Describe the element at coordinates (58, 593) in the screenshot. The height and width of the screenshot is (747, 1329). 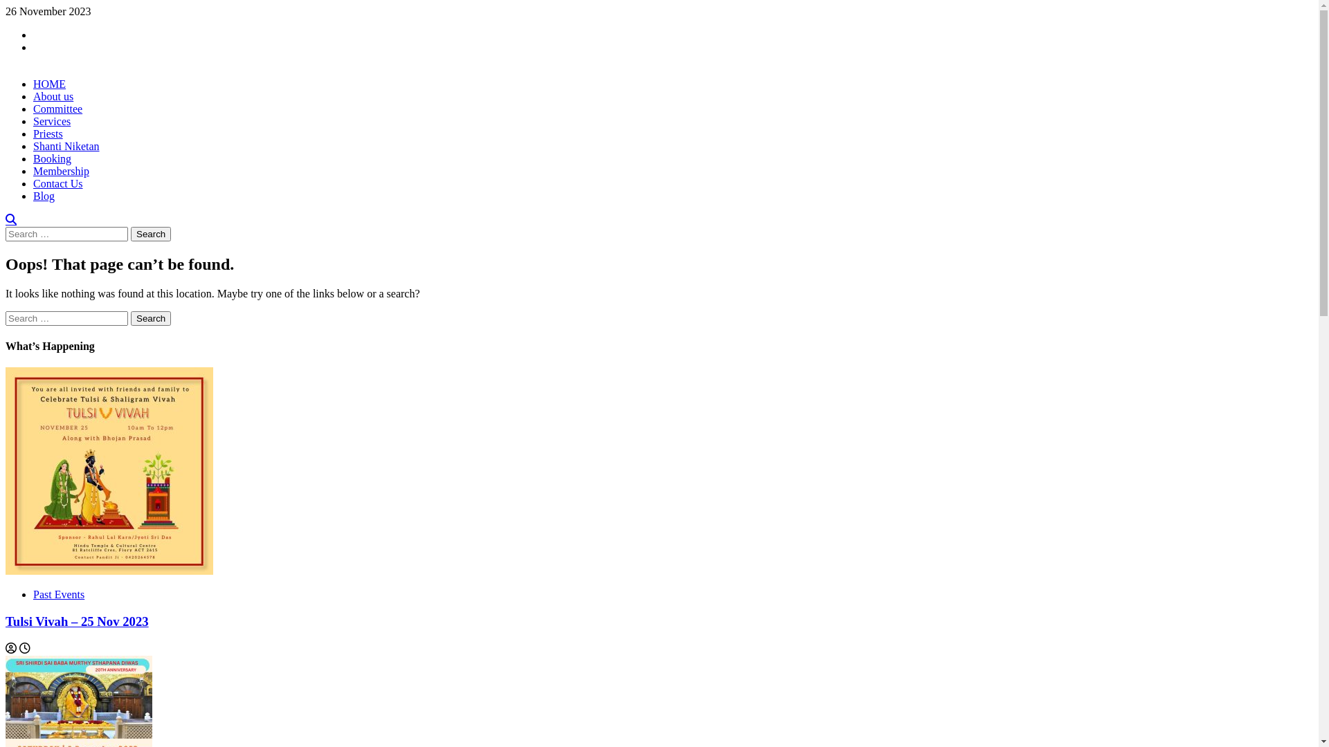
I see `'Past Events'` at that location.